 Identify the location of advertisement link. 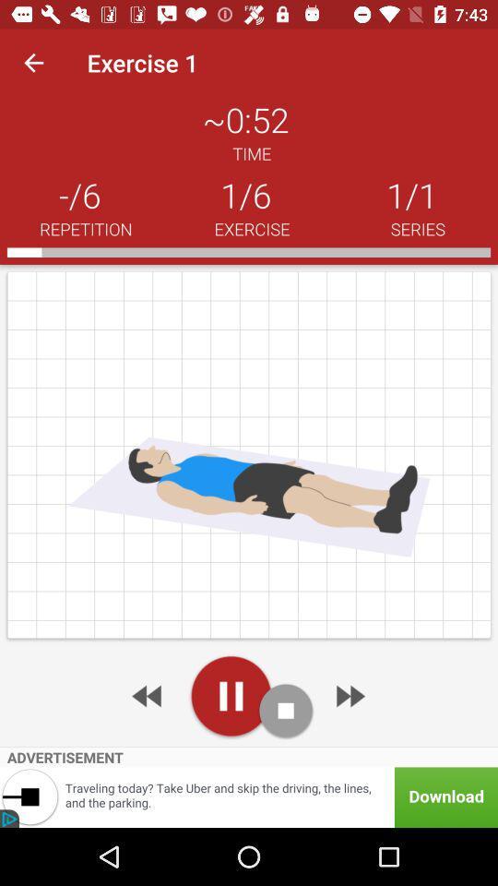
(249, 796).